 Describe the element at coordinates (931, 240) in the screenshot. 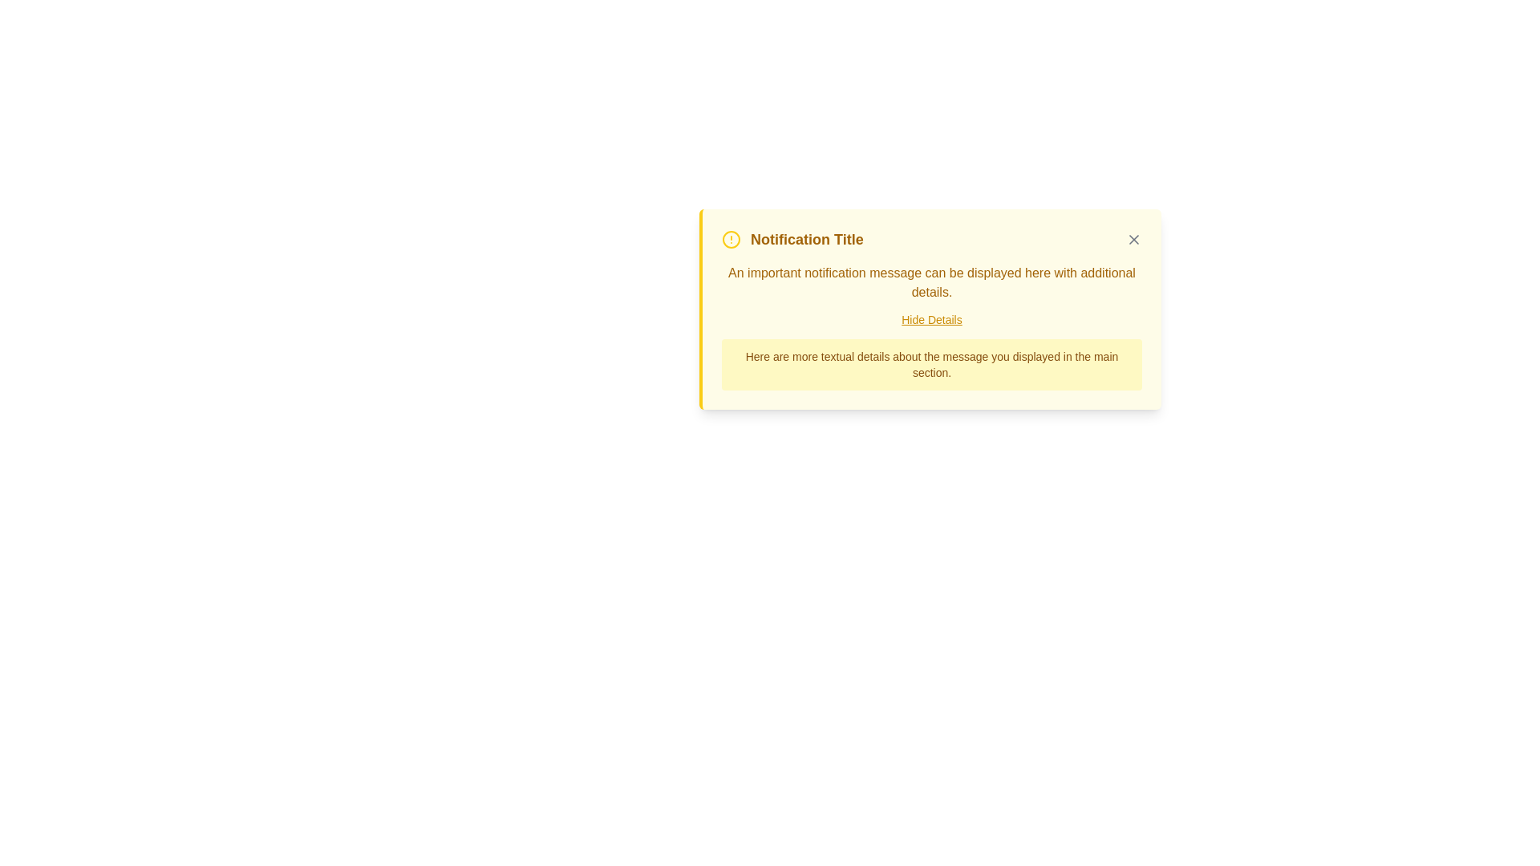

I see `the notification header titled 'Notification Title'` at that location.